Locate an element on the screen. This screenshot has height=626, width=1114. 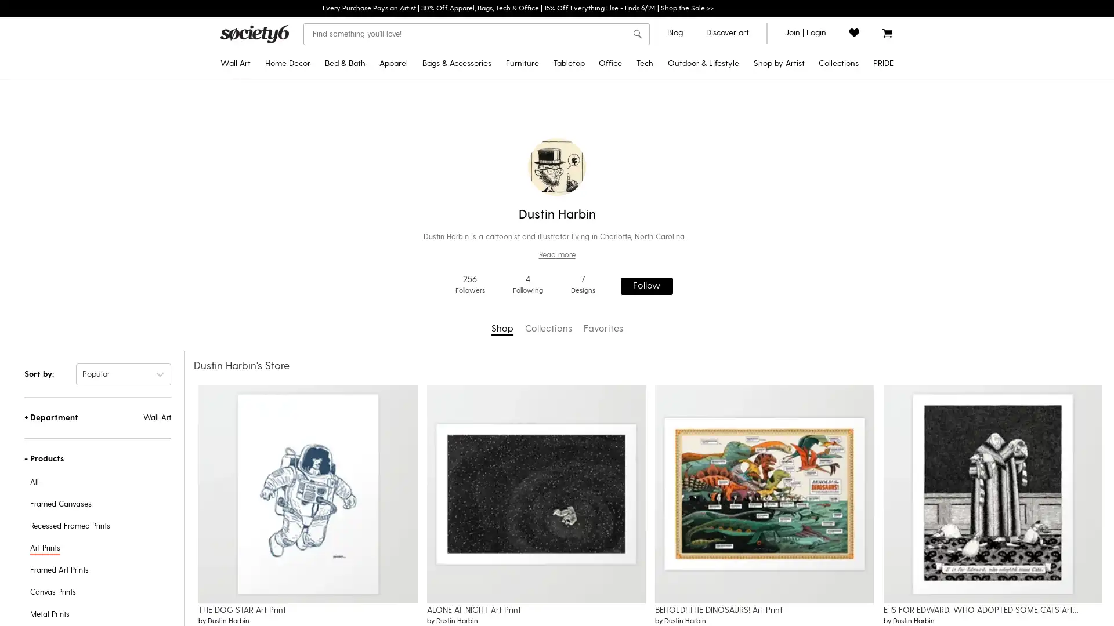
Benches is located at coordinates (542, 111).